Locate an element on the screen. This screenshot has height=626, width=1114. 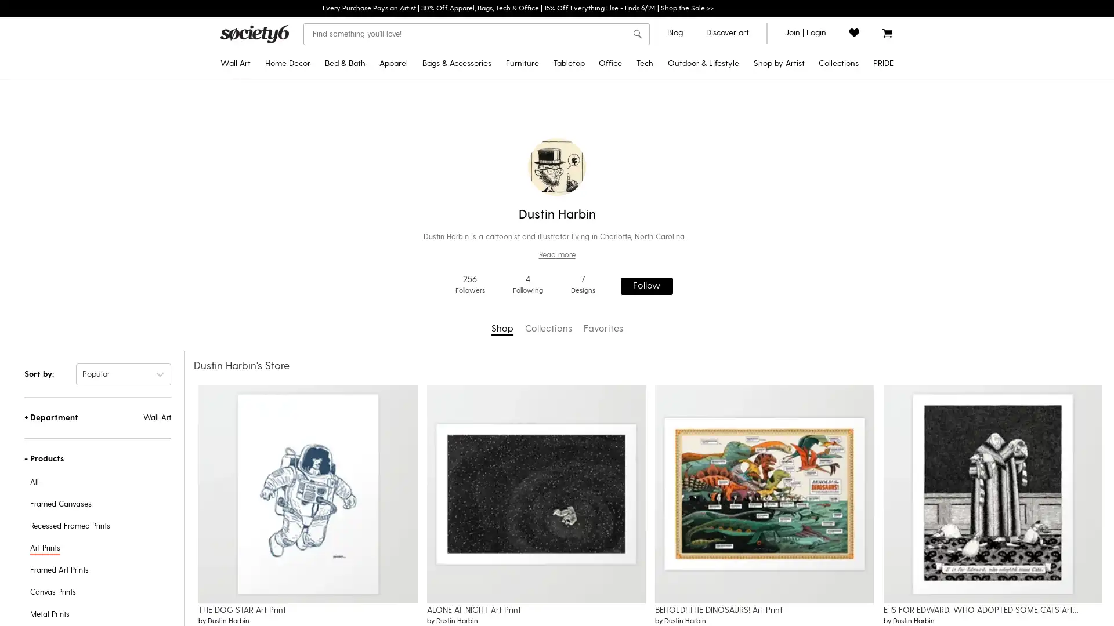
Benches is located at coordinates (542, 111).